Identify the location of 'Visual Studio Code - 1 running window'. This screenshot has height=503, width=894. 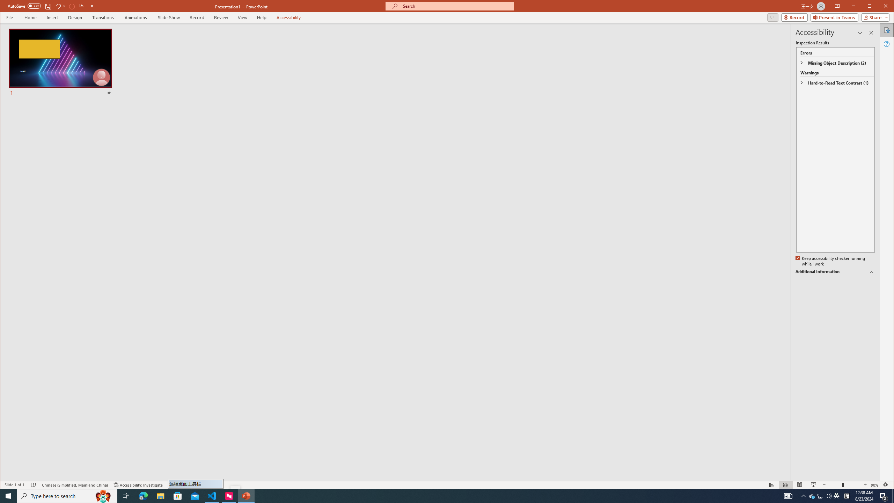
(212, 495).